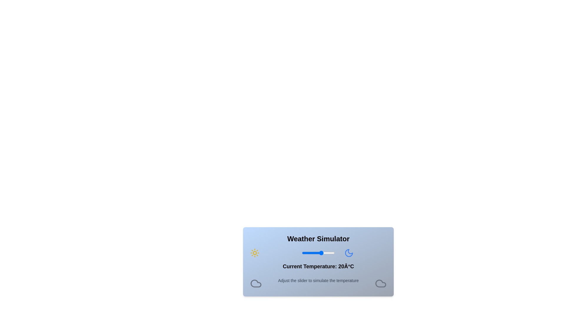 Image resolution: width=565 pixels, height=317 pixels. I want to click on the slider to set the temperature to 21°C, so click(322, 252).